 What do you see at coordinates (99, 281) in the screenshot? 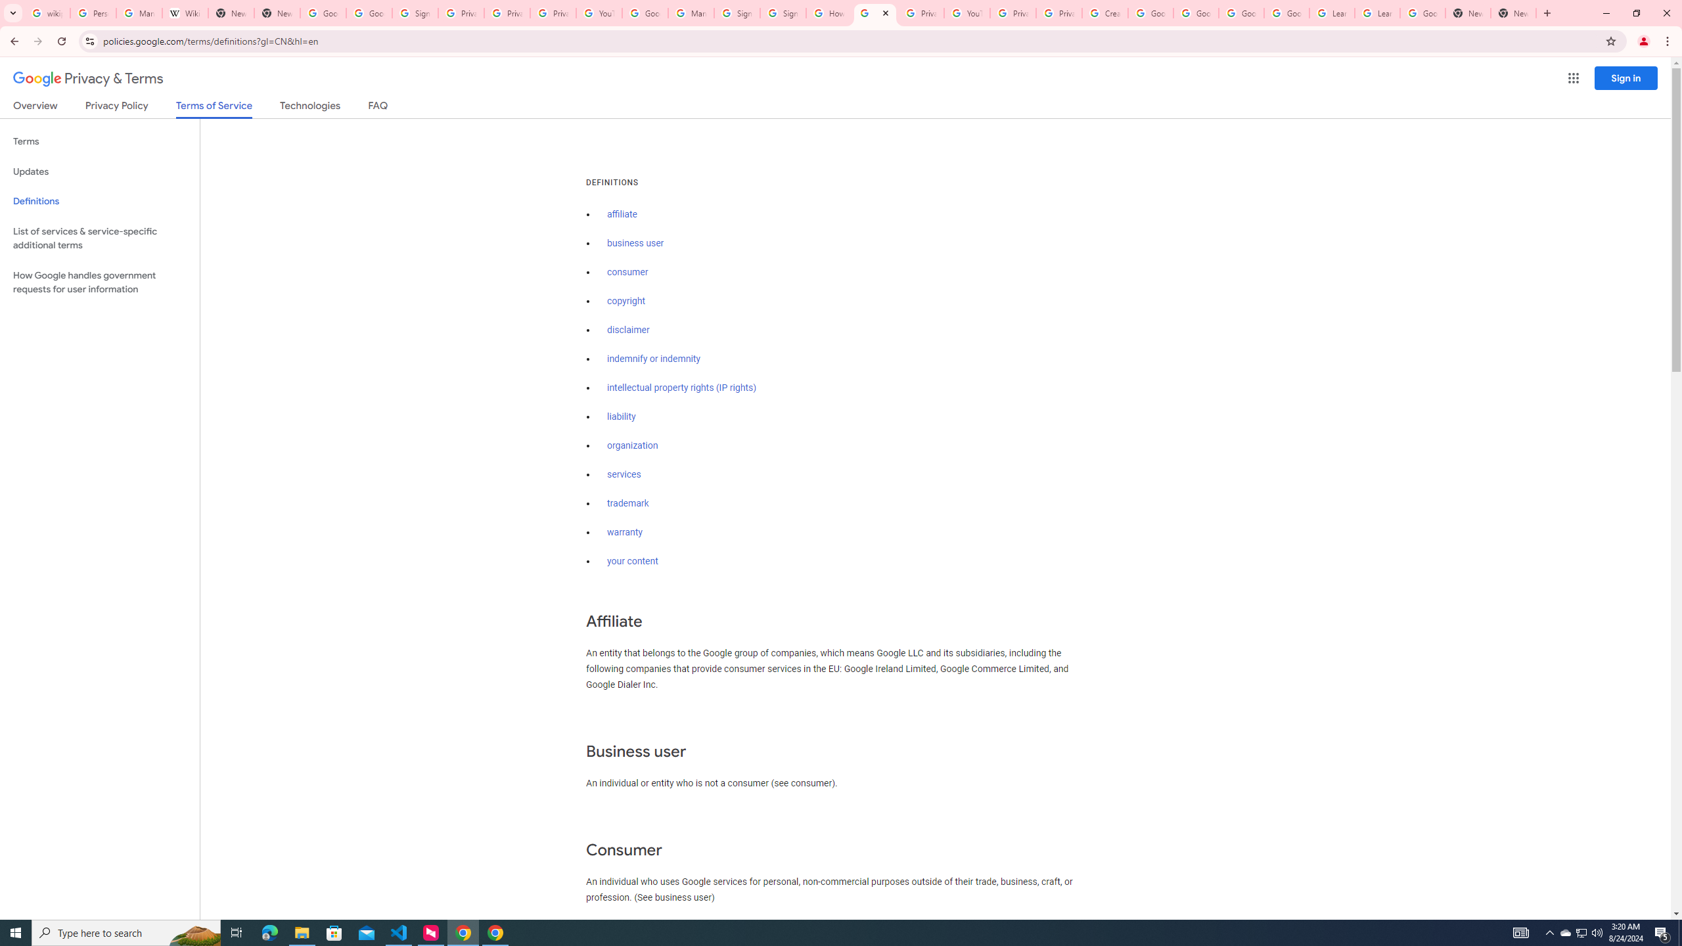
I see `'How Google handles government requests for user information'` at bounding box center [99, 281].